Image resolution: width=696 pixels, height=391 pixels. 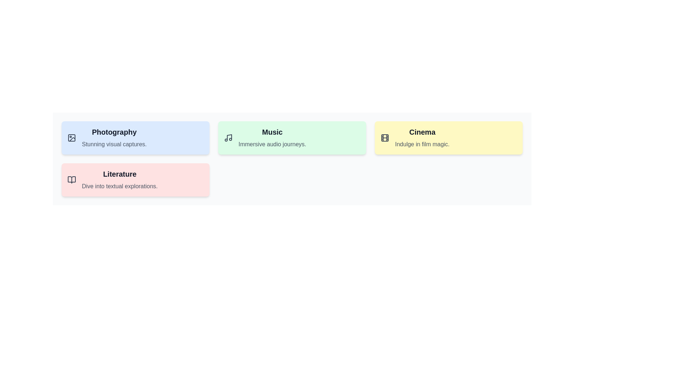 What do you see at coordinates (384, 138) in the screenshot?
I see `the vertical film strip icon, which is dark gray and located to the left of the 'Cinema' text on a highlighted yellow card in the top-right section of the interface` at bounding box center [384, 138].